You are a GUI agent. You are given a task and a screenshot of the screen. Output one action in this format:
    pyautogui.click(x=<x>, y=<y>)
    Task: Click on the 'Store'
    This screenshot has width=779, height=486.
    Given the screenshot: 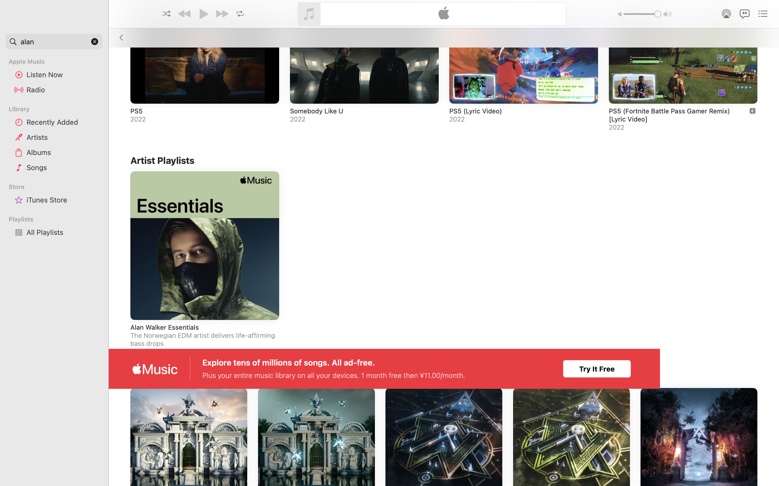 What is the action you would take?
    pyautogui.click(x=57, y=186)
    